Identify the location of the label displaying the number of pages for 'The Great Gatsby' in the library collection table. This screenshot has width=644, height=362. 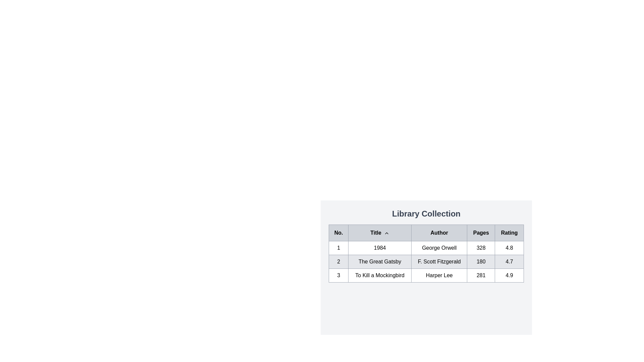
(481, 261).